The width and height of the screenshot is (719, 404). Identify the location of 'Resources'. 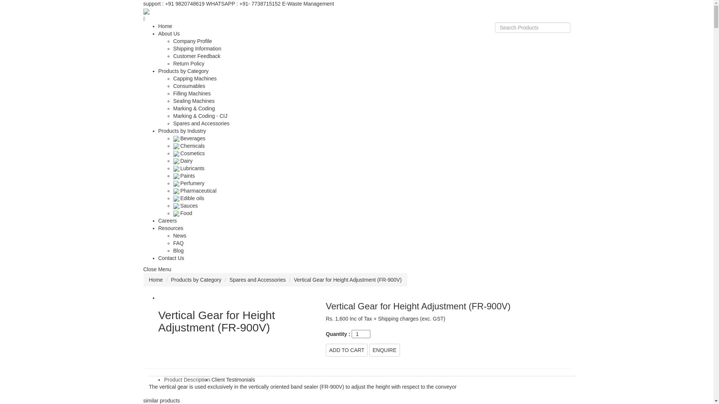
(170, 227).